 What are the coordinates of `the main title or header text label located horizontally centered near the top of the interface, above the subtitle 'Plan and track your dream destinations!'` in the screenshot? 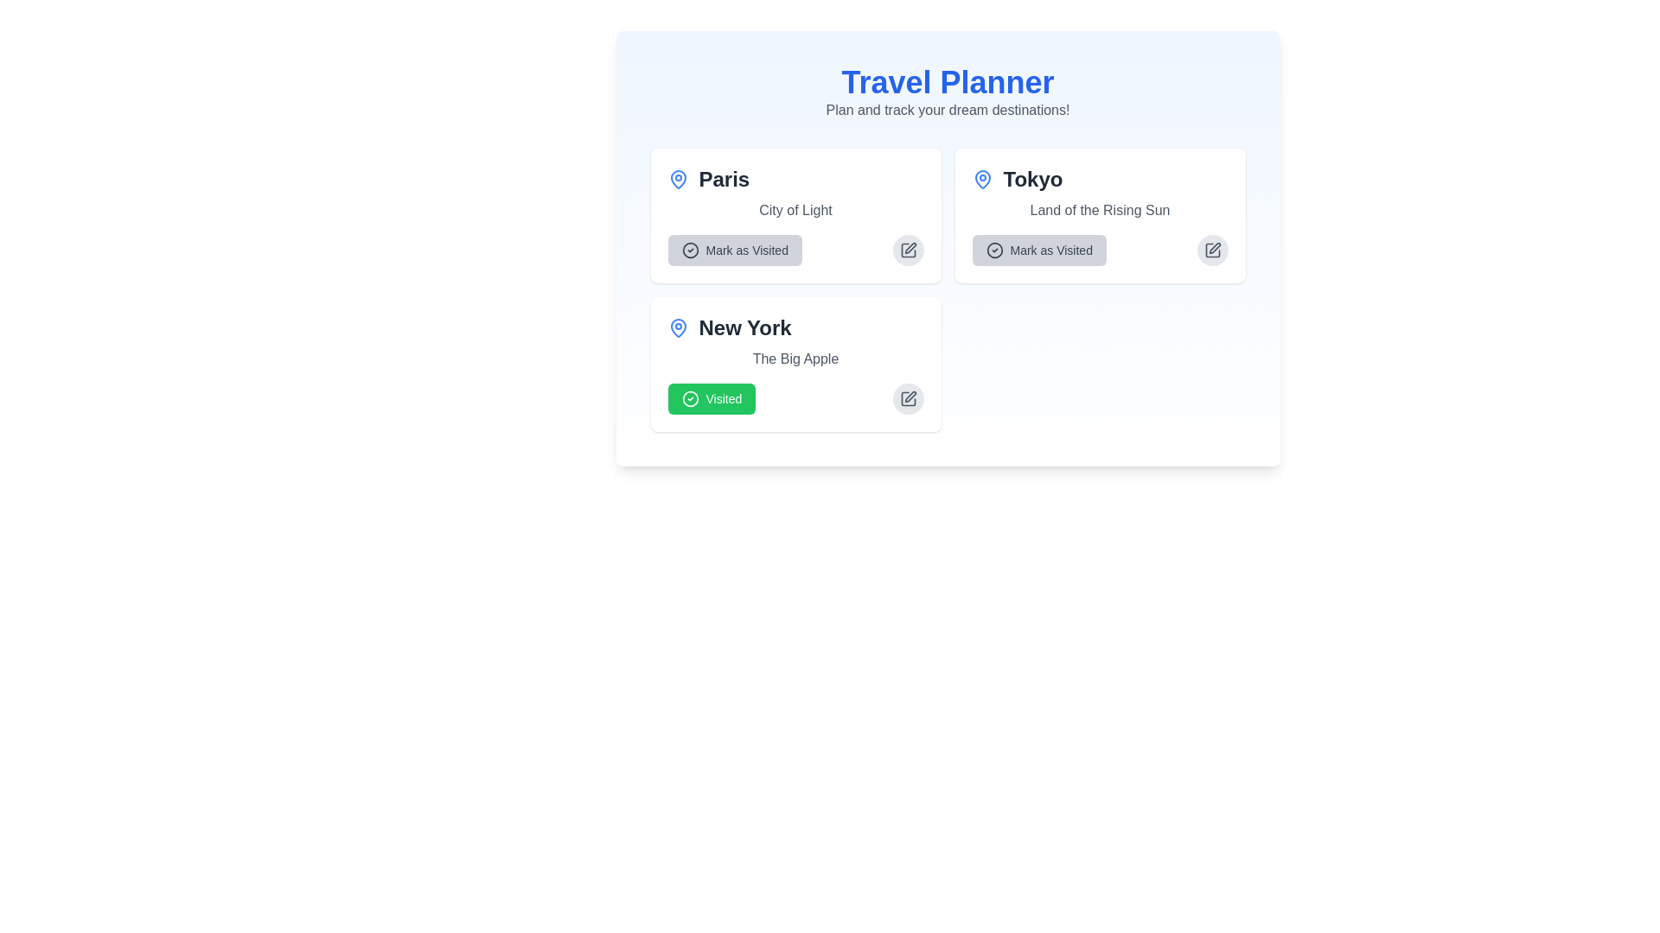 It's located at (947, 83).